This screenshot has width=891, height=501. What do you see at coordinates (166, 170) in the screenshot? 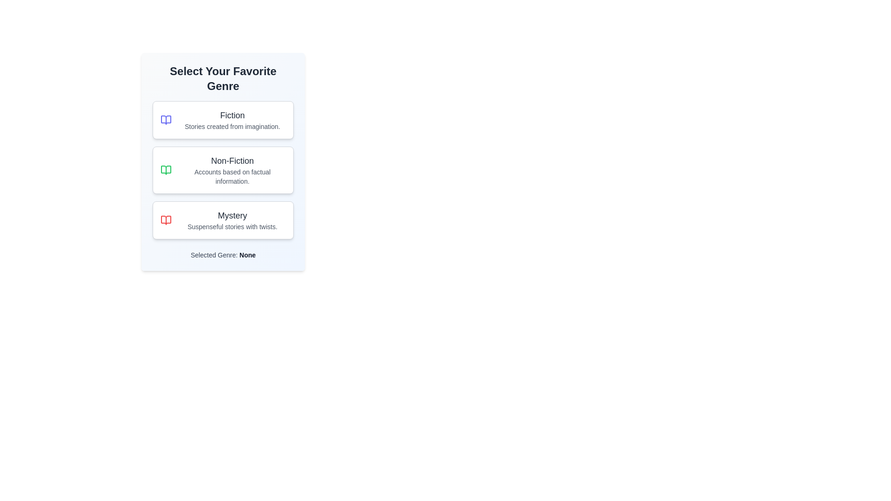
I see `the green book icon representing the 'Non-Fiction' genre in the 'Select Your Favorite Genre' list, which is the second option among three` at bounding box center [166, 170].